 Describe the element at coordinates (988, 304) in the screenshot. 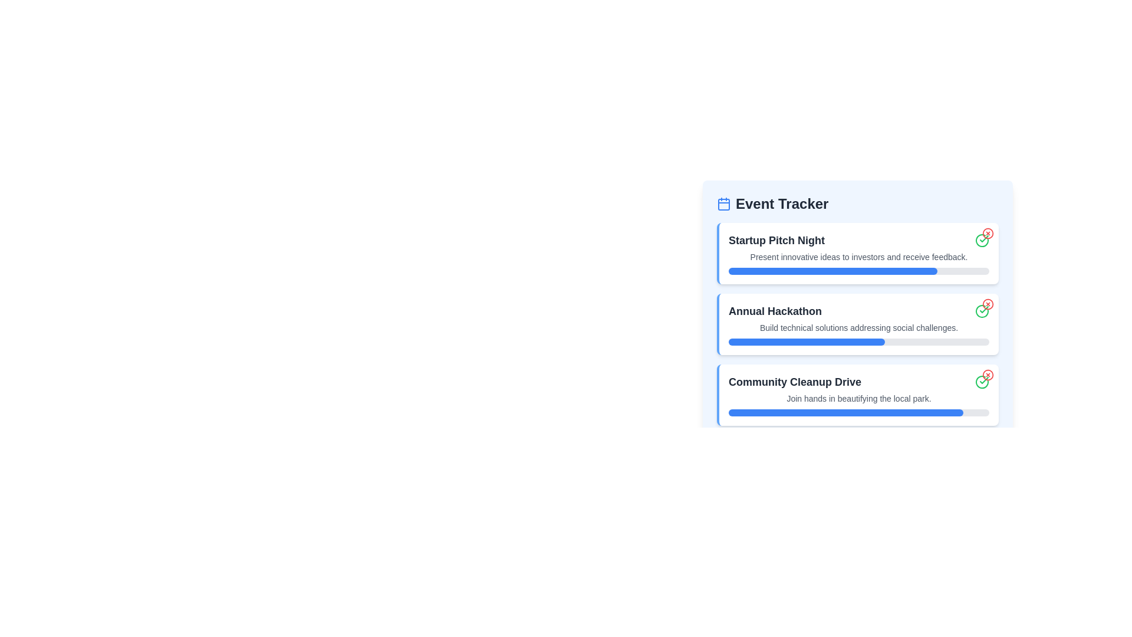

I see `the button located in the top-right corner of the 'Annual Hackathon' event card` at that location.